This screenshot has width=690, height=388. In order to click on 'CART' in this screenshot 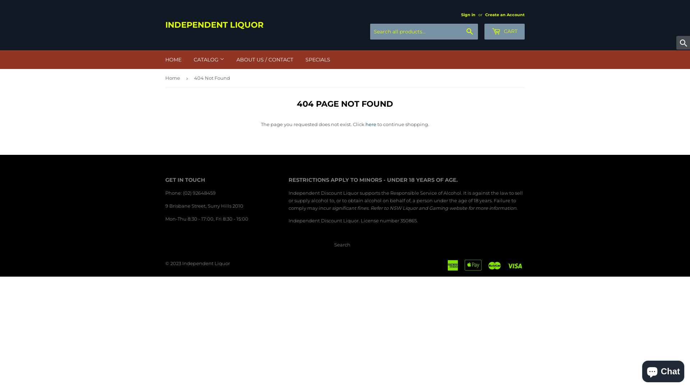, I will do `click(484, 31)`.